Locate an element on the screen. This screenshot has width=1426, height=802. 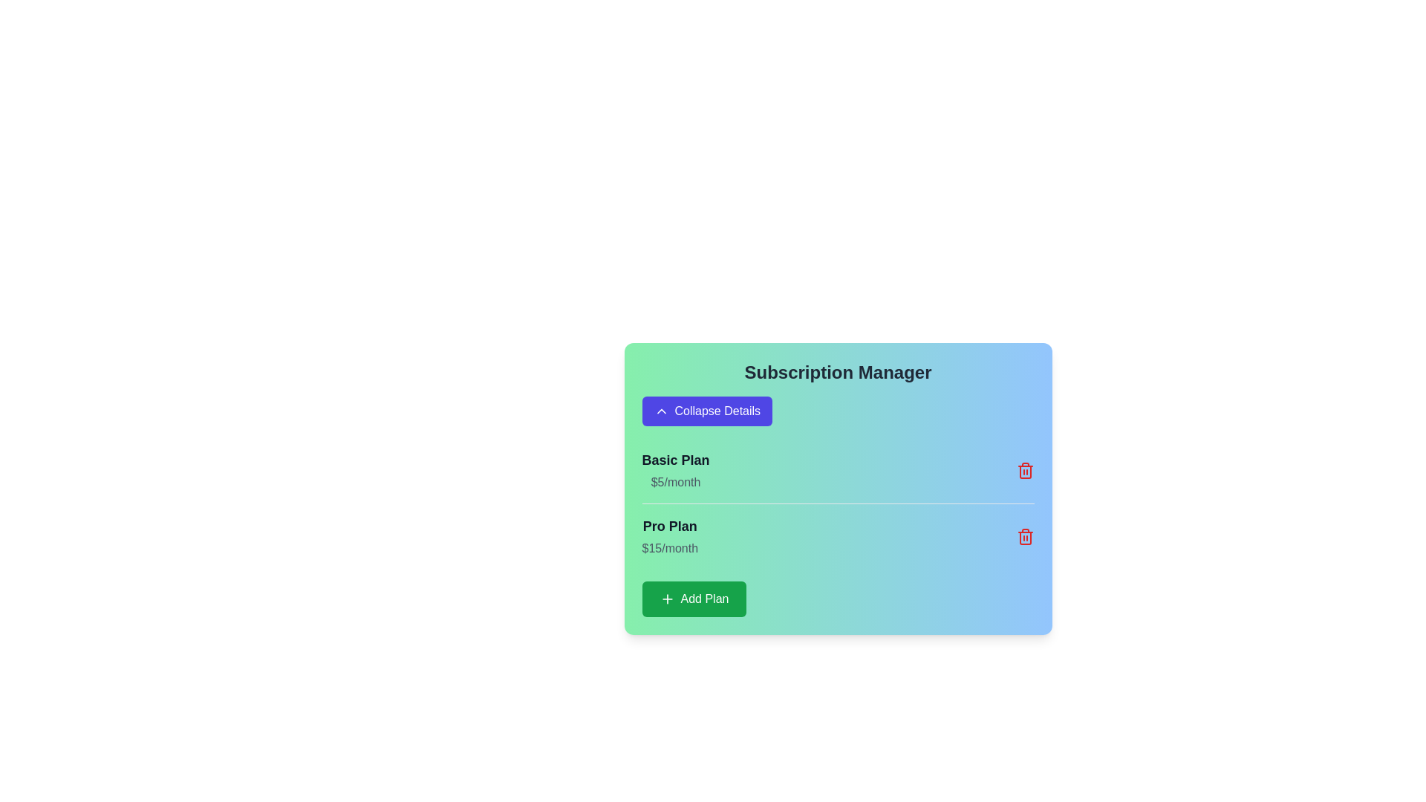
the deletion icon button located at the bottom-right of the 'Subscription Manager' section is located at coordinates (1024, 538).